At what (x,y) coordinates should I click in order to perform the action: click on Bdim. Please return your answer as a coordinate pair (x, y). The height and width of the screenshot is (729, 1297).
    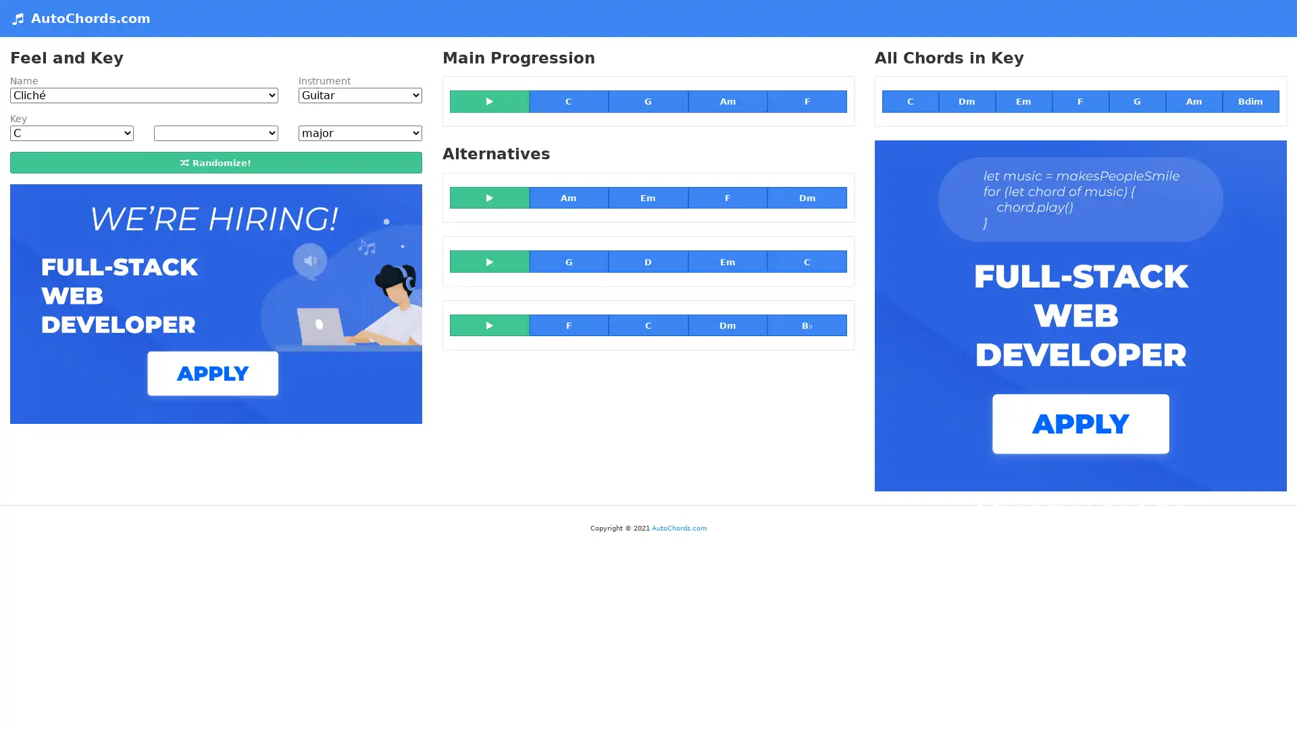
    Looking at the image, I should click on (1250, 101).